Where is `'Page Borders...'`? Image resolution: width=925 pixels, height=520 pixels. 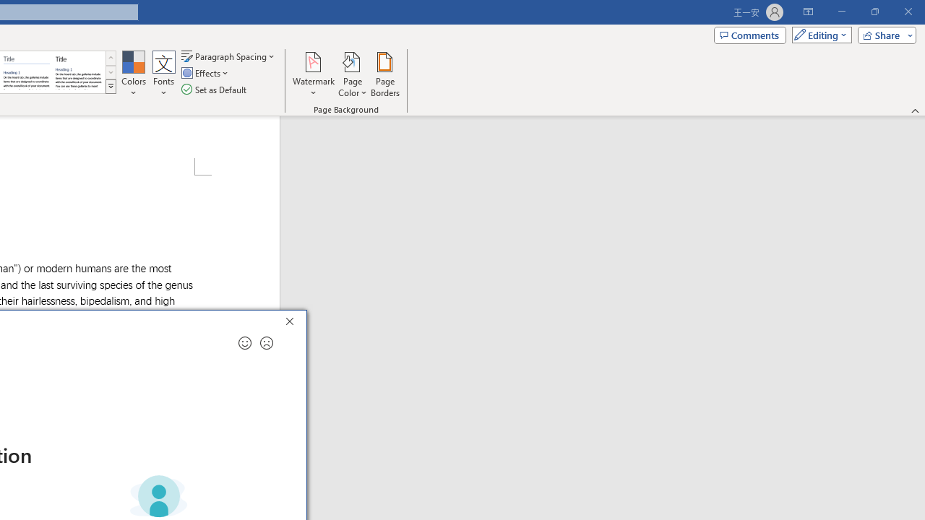 'Page Borders...' is located at coordinates (385, 74).